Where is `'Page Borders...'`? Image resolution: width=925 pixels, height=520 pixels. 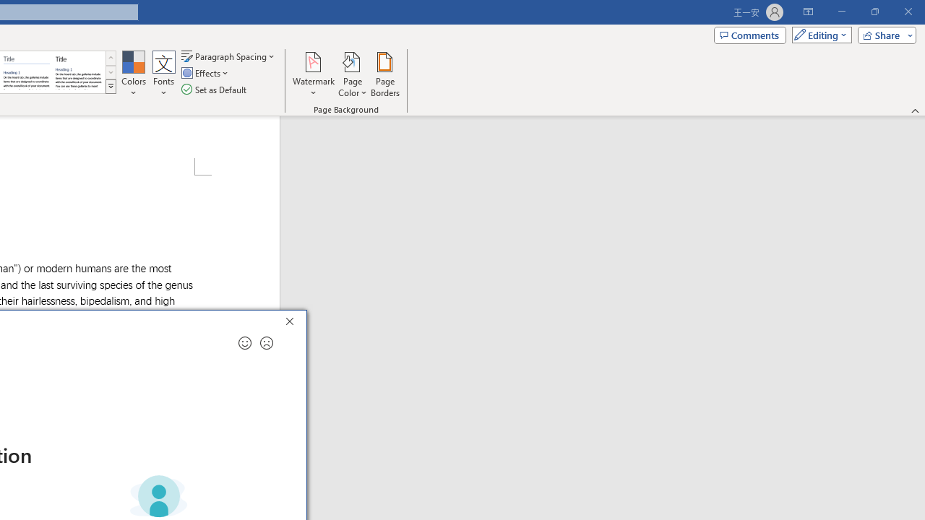 'Page Borders...' is located at coordinates (385, 74).